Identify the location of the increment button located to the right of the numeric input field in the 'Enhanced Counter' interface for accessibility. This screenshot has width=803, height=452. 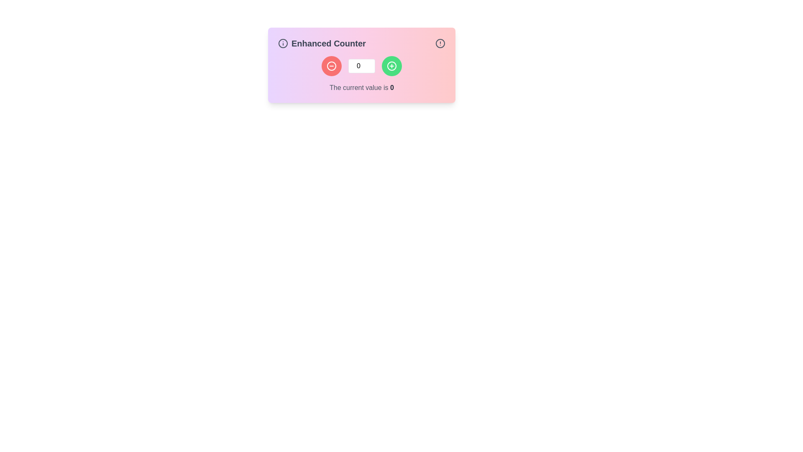
(391, 66).